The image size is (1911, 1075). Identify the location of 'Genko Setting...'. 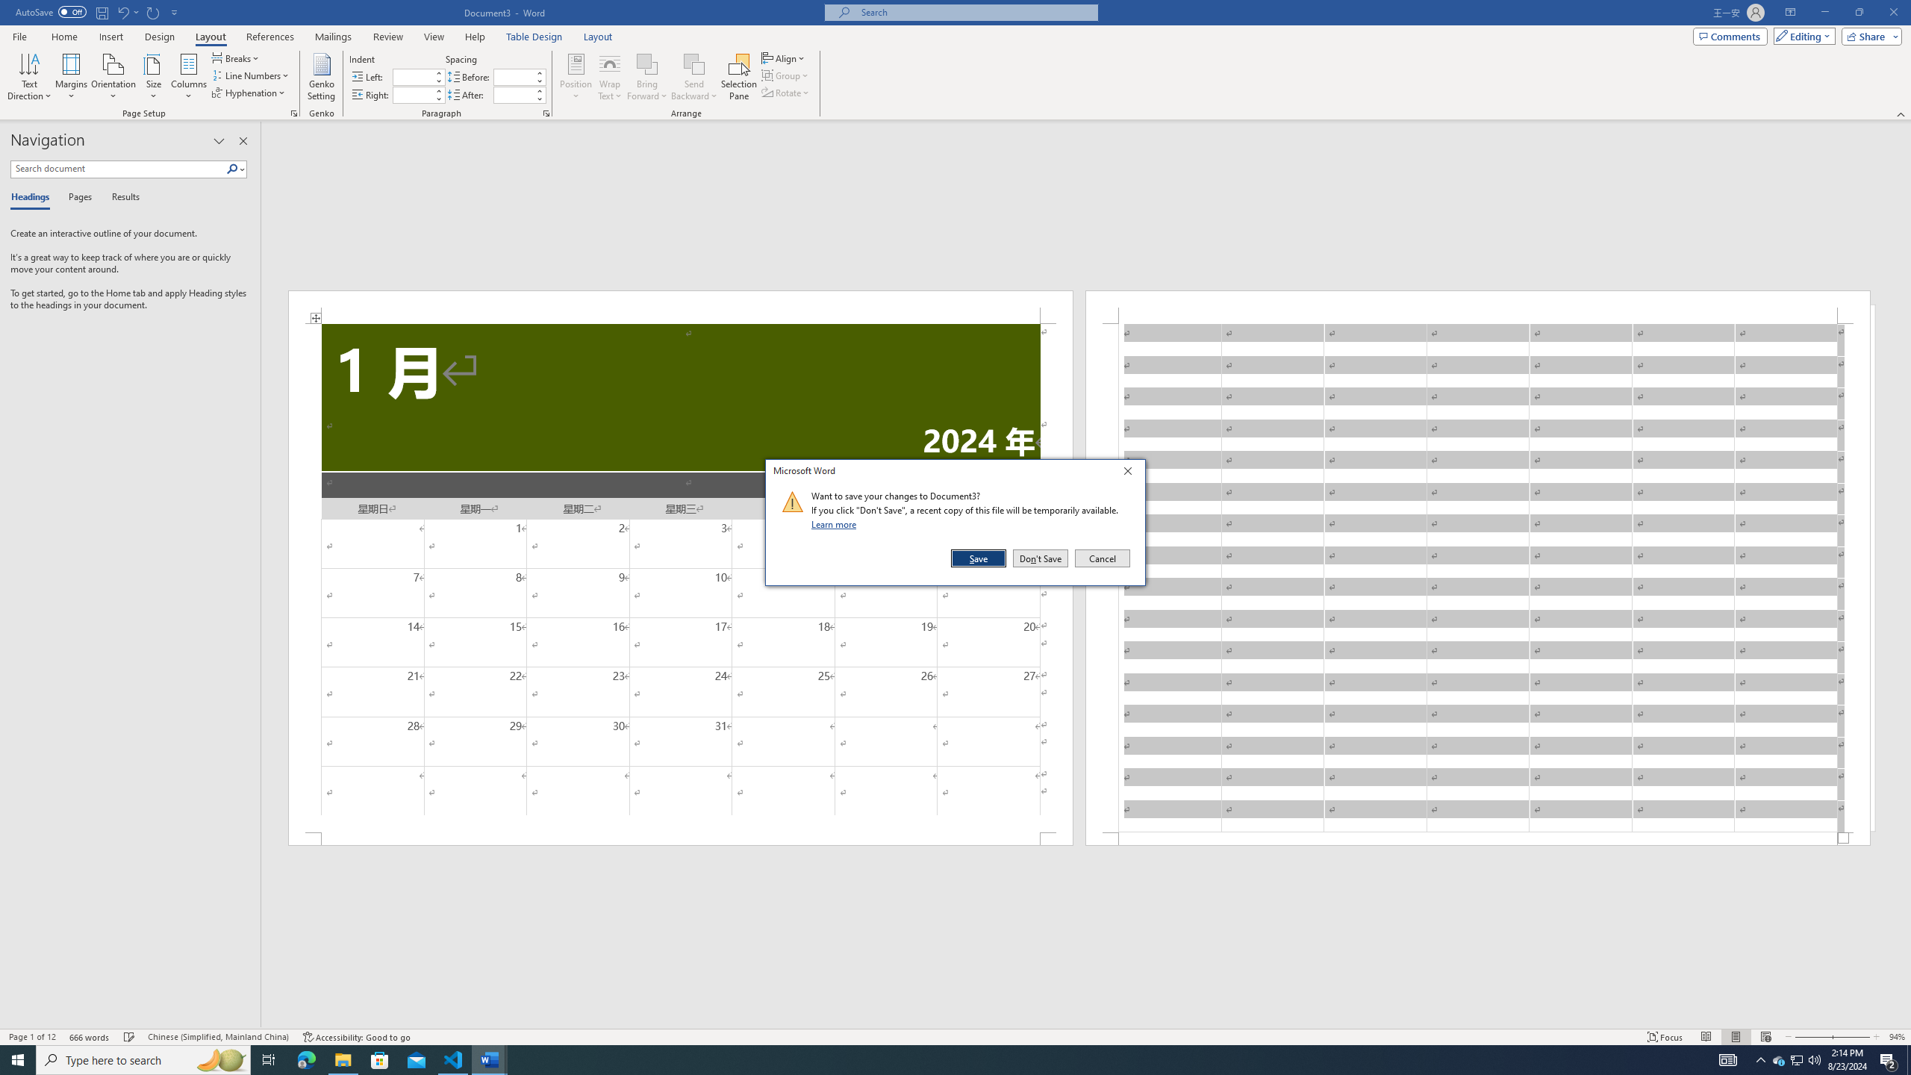
(322, 77).